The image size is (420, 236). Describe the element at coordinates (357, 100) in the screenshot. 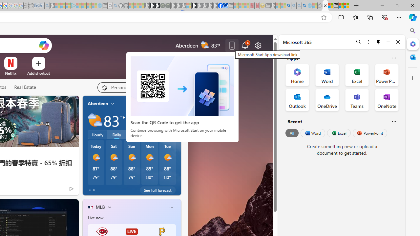

I see `'Teams Office App'` at that location.